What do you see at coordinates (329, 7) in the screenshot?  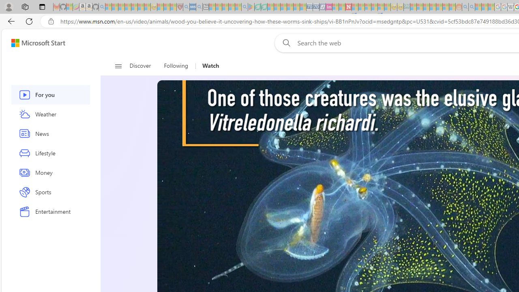 I see `'Jobs - lastminute.com Investor Portal - Sleeping'` at bounding box center [329, 7].